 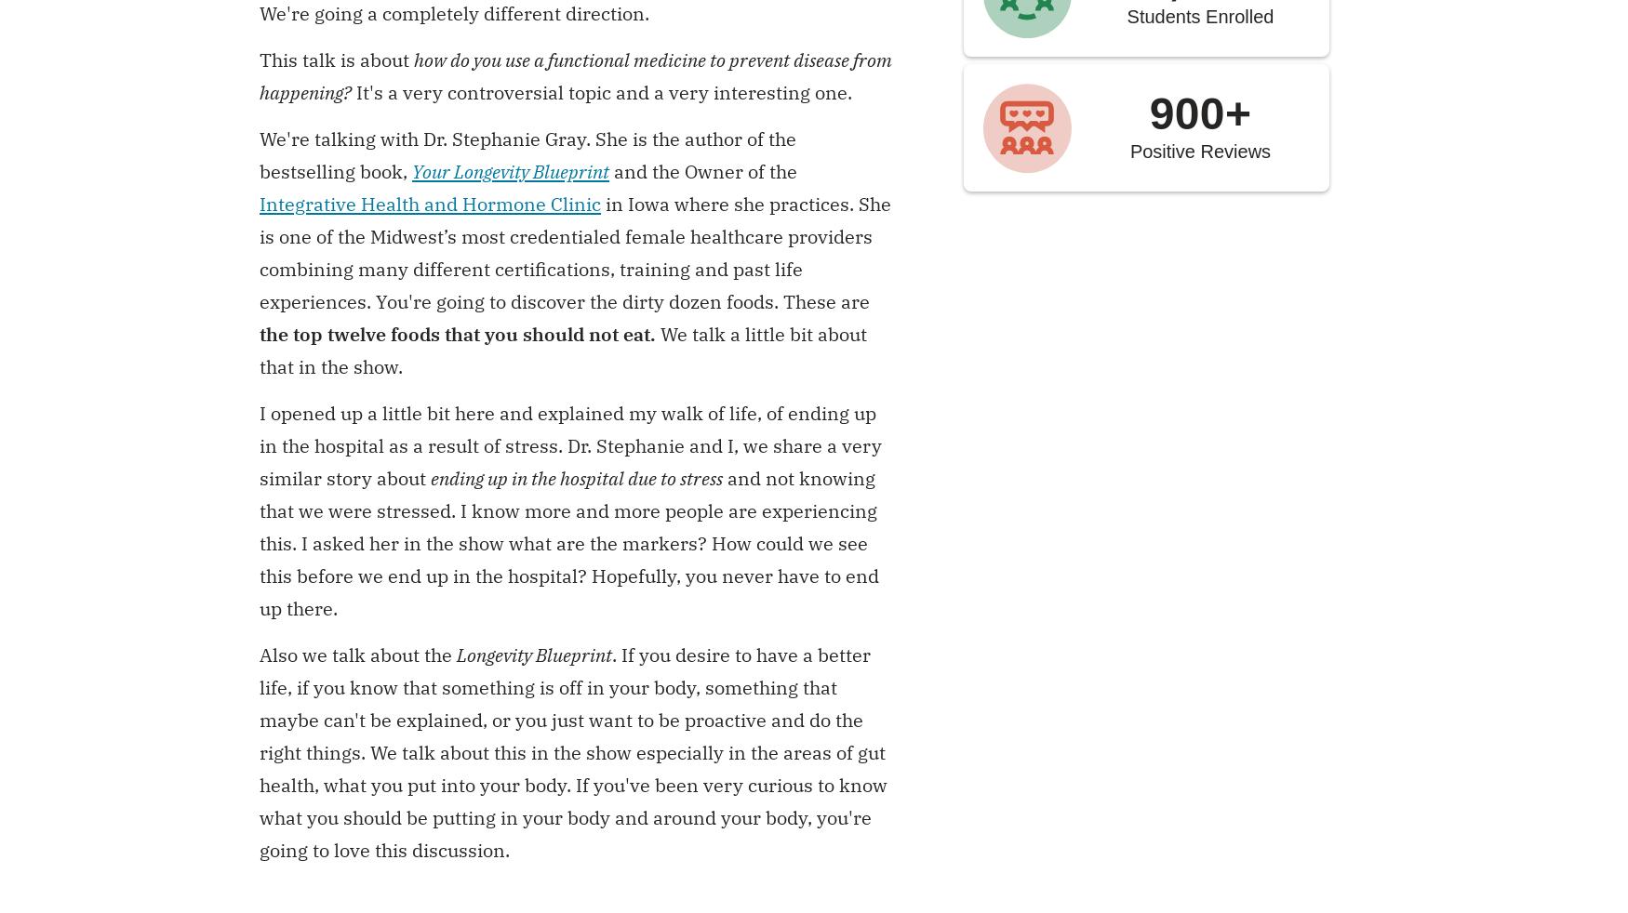 What do you see at coordinates (319, 716) in the screenshot?
I see `'The Ultimate Financial Strategy'` at bounding box center [319, 716].